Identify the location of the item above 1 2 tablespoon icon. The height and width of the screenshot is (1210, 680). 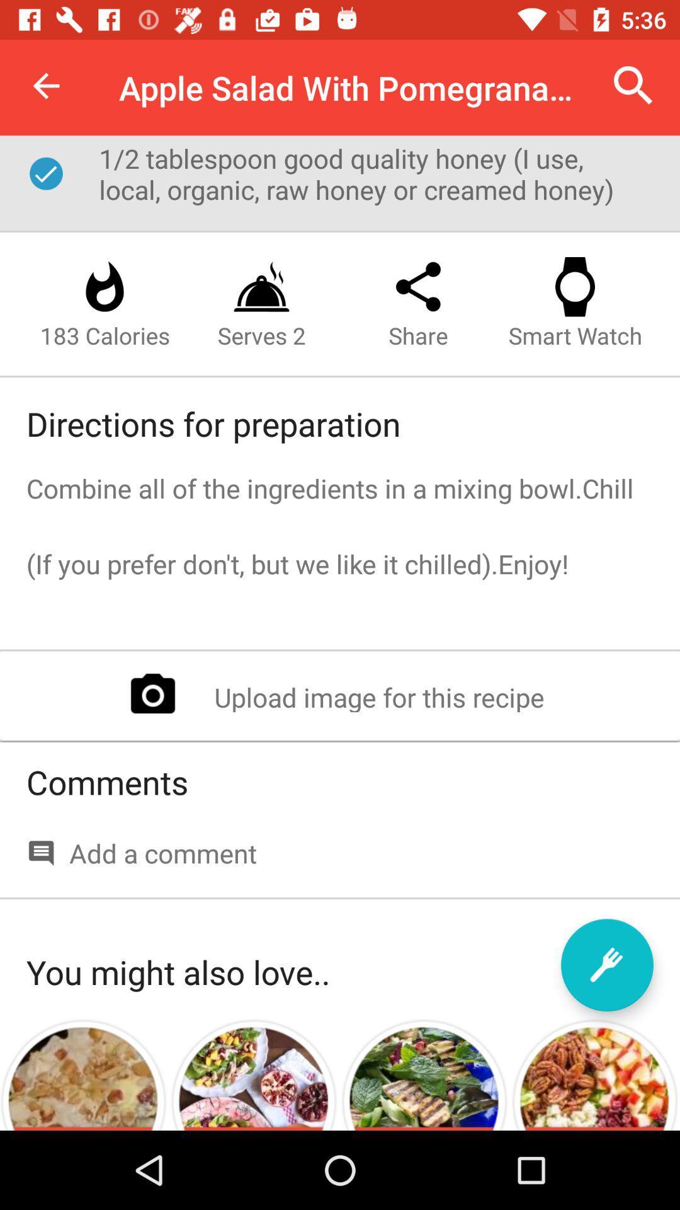
(45, 85).